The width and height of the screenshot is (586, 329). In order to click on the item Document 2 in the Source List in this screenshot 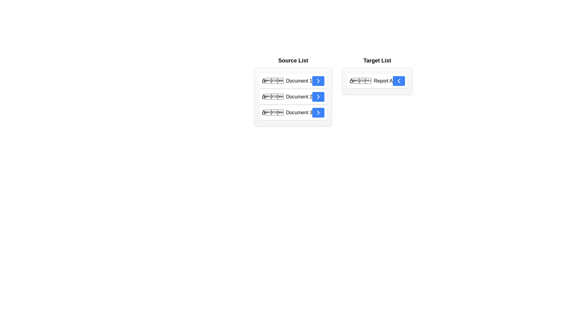, I will do `click(293, 96)`.